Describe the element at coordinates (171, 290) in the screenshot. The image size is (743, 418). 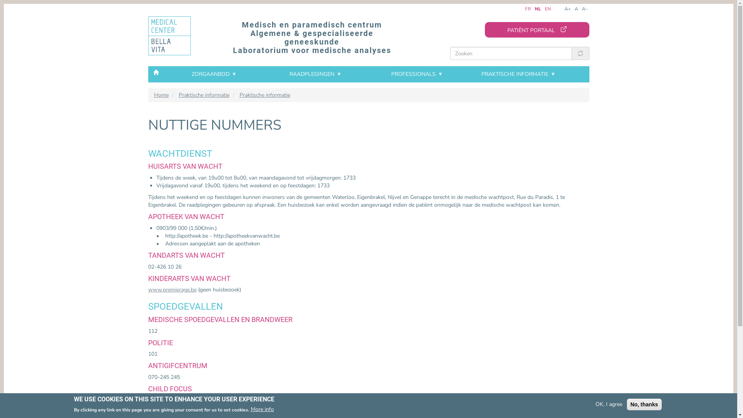
I see `'www.premierage.be'` at that location.